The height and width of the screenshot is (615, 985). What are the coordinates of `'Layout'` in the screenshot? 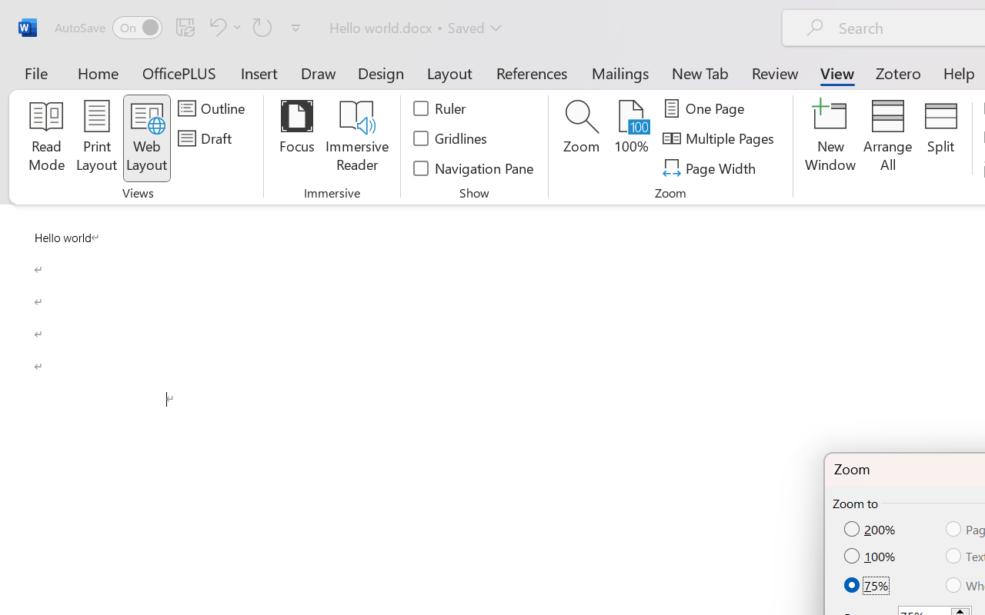 It's located at (449, 72).